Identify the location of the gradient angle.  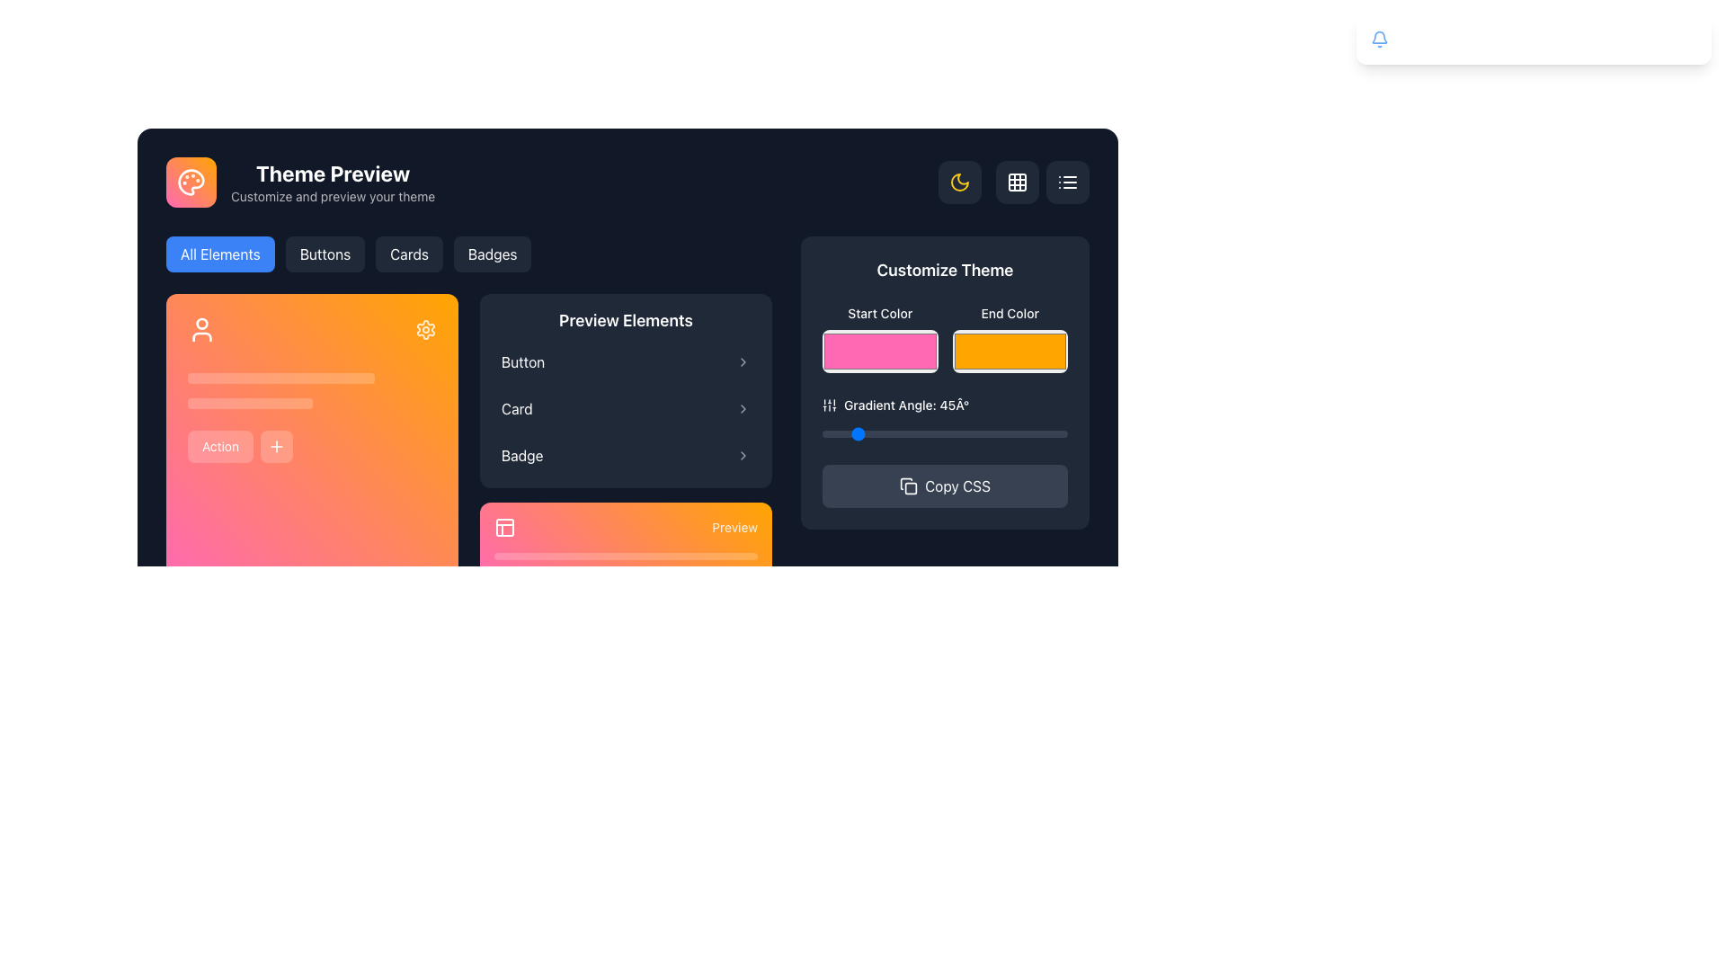
(930, 433).